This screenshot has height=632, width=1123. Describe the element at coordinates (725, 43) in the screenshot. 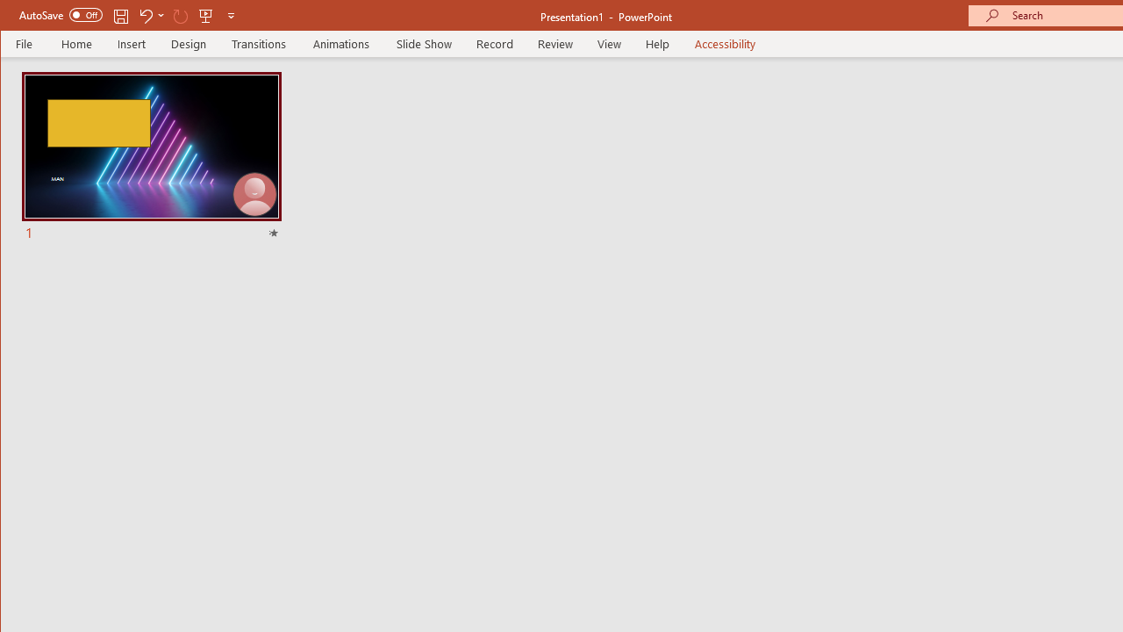

I see `'Accessibility'` at that location.